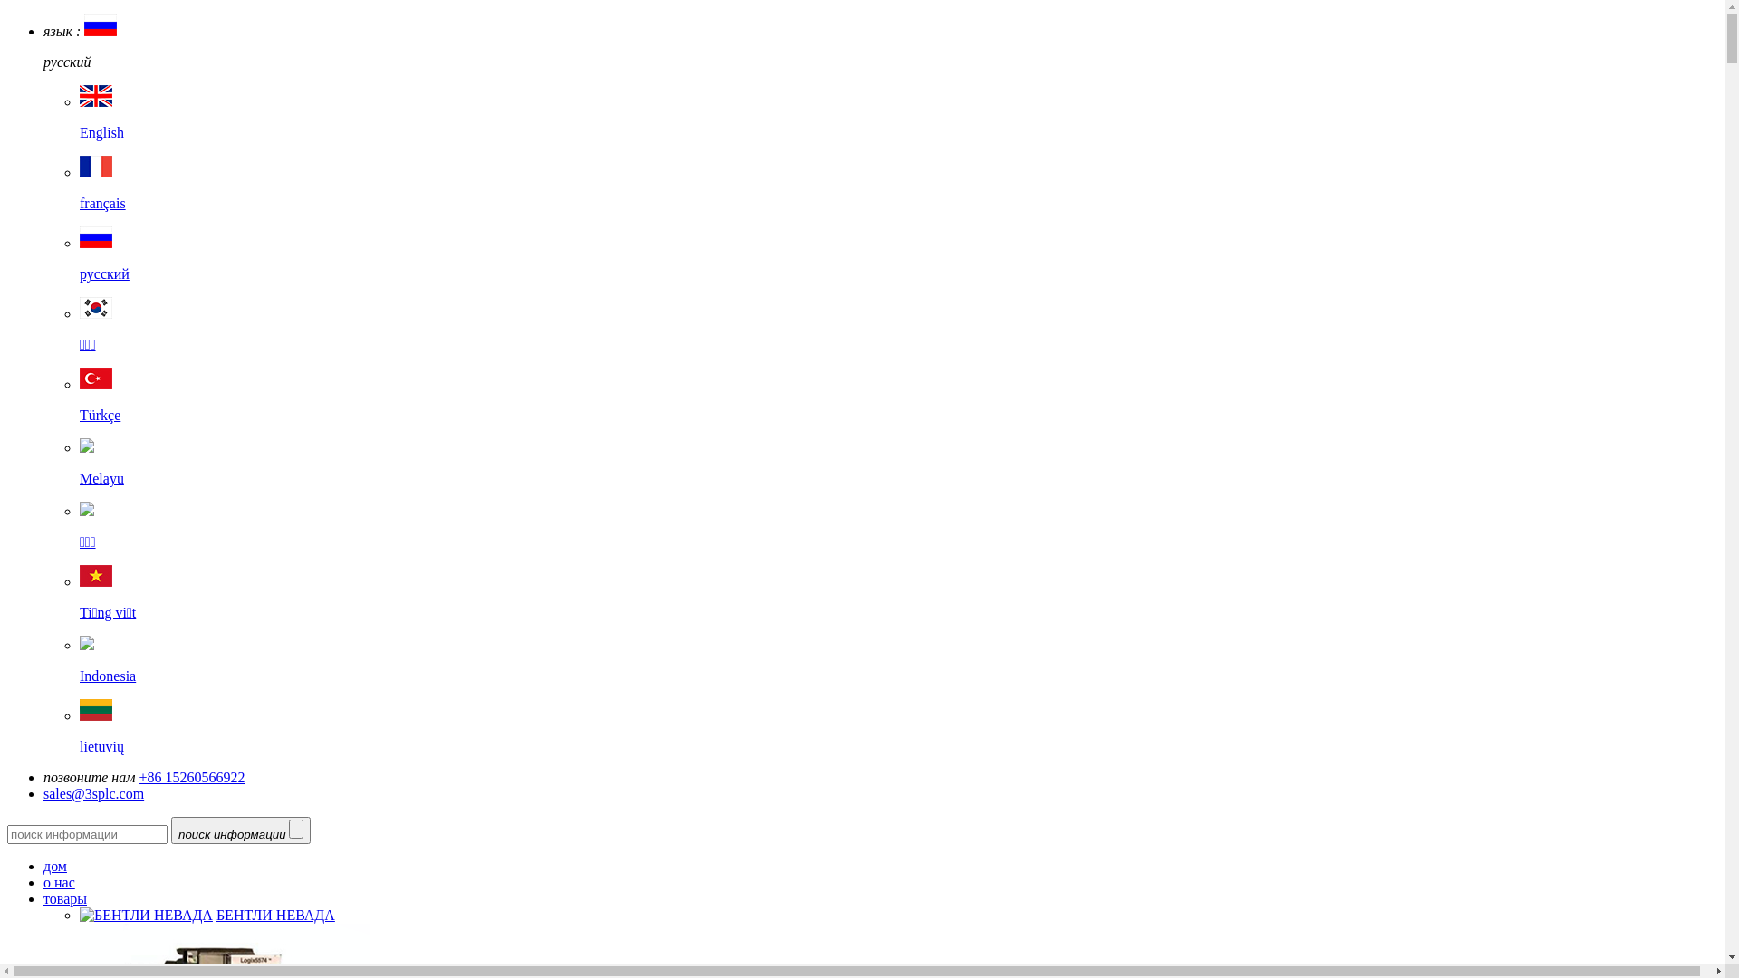 This screenshot has height=978, width=1739. I want to click on '+86 15260566922', so click(192, 776).